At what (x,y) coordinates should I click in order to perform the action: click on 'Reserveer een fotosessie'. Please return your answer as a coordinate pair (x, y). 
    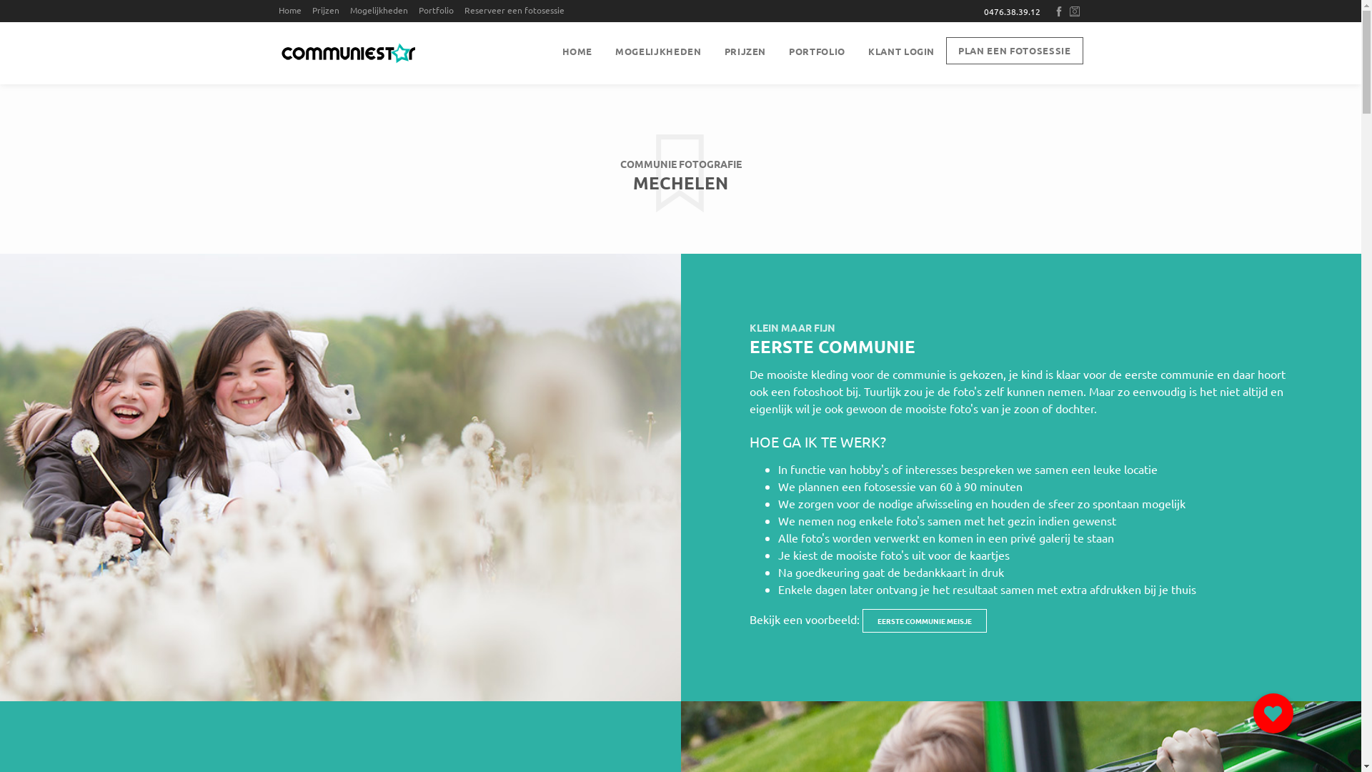
    Looking at the image, I should click on (517, 10).